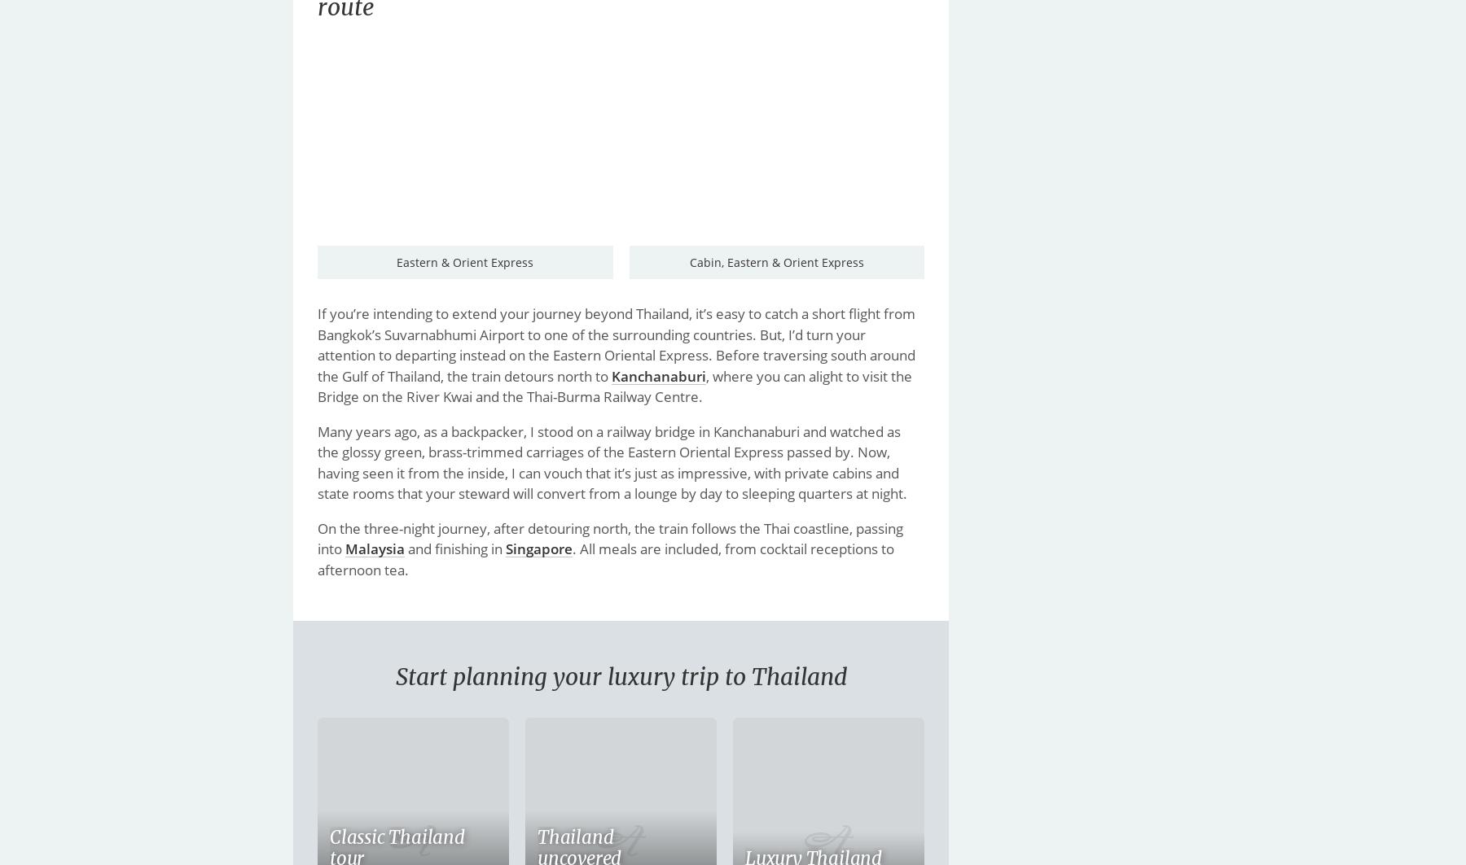  Describe the element at coordinates (609, 537) in the screenshot. I see `'On the three-night journey, after detouring north, the train follows the Thai coastline, passing into'` at that location.